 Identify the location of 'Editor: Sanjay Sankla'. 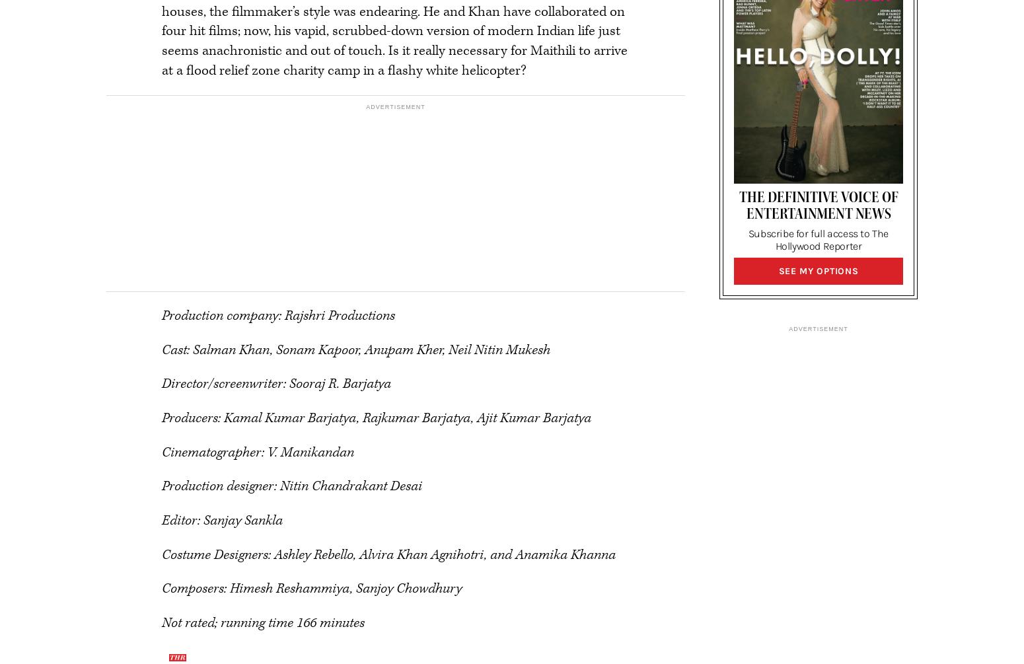
(221, 521).